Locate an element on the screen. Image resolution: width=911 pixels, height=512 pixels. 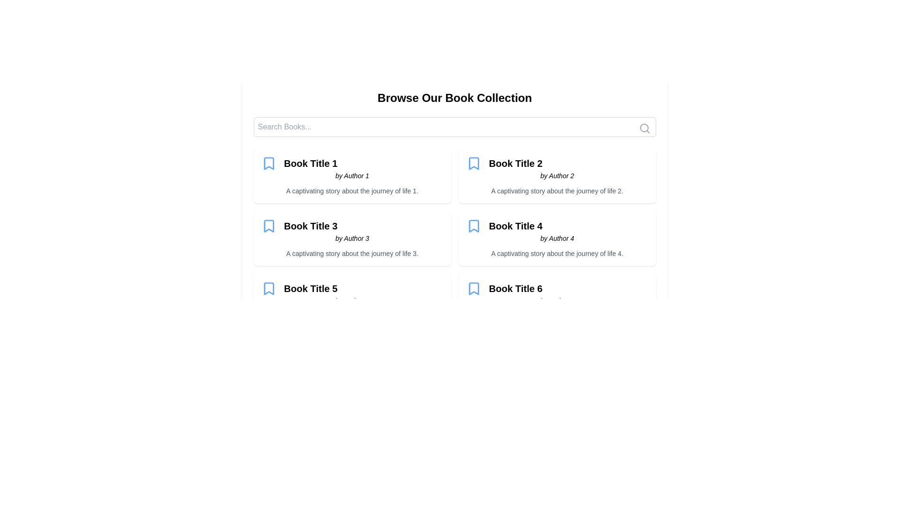
the text element that displays the author's name for 'Book Title 5' is located at coordinates (352, 301).